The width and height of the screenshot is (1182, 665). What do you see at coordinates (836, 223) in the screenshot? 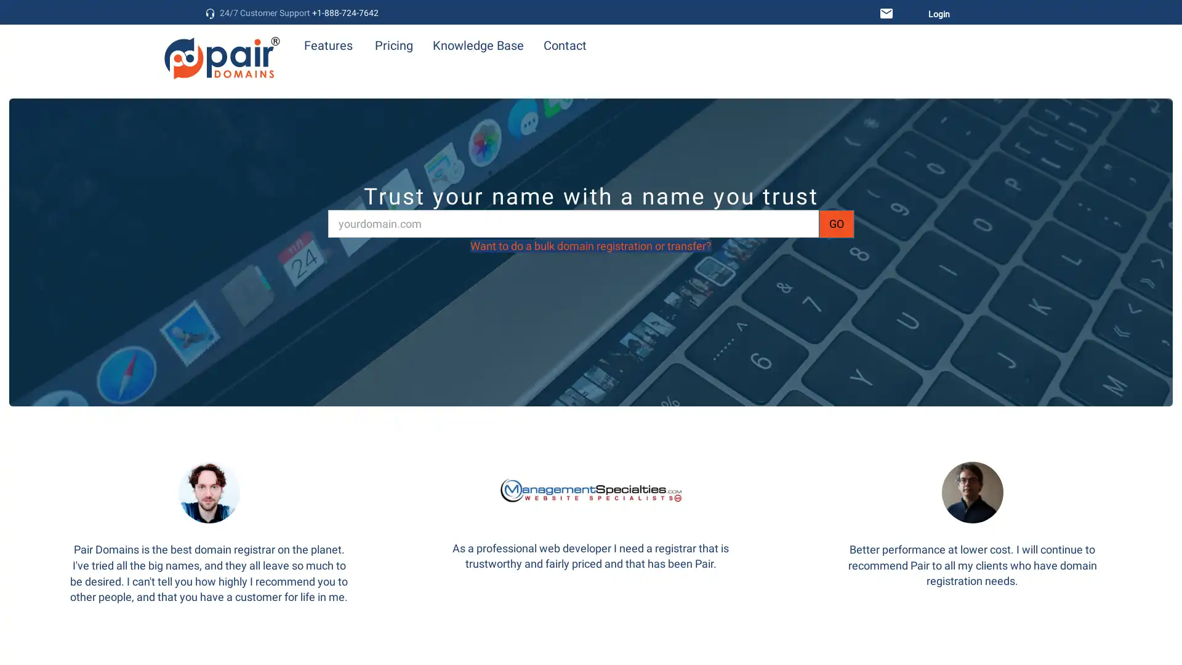
I see `GO` at bounding box center [836, 223].